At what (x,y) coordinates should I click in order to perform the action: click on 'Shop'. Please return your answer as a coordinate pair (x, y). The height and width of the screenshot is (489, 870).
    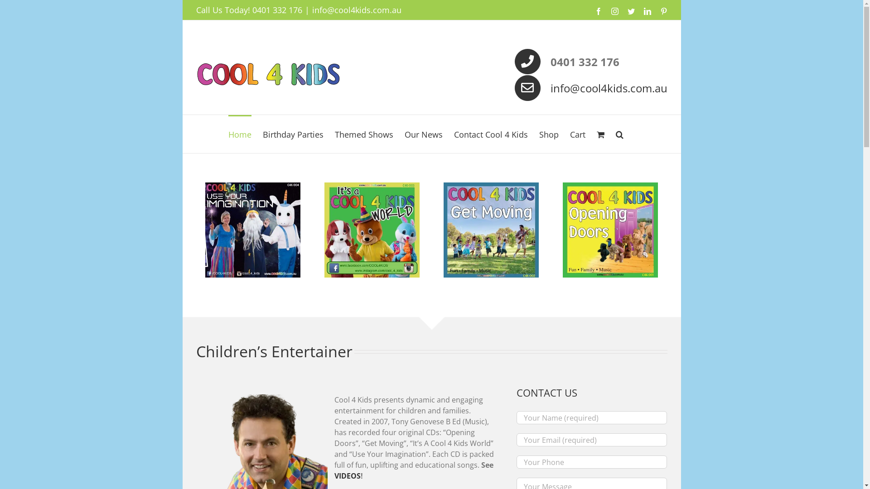
    Looking at the image, I should click on (548, 134).